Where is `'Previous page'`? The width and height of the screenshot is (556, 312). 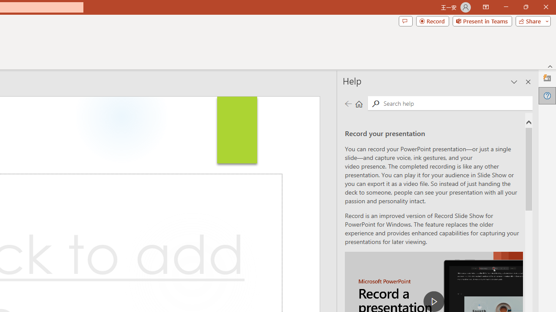
'Previous page' is located at coordinates (348, 103).